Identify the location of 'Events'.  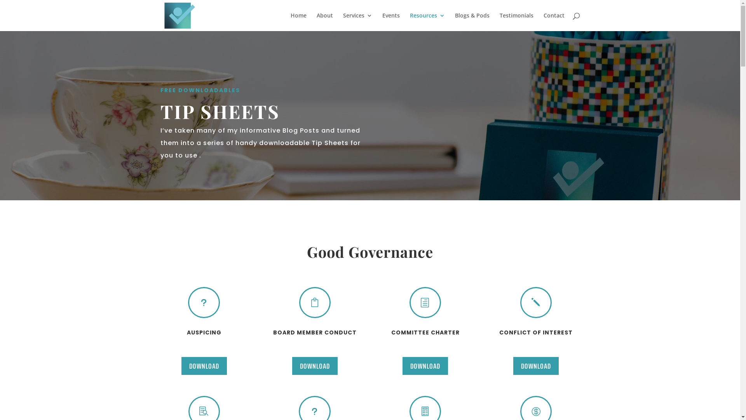
(391, 21).